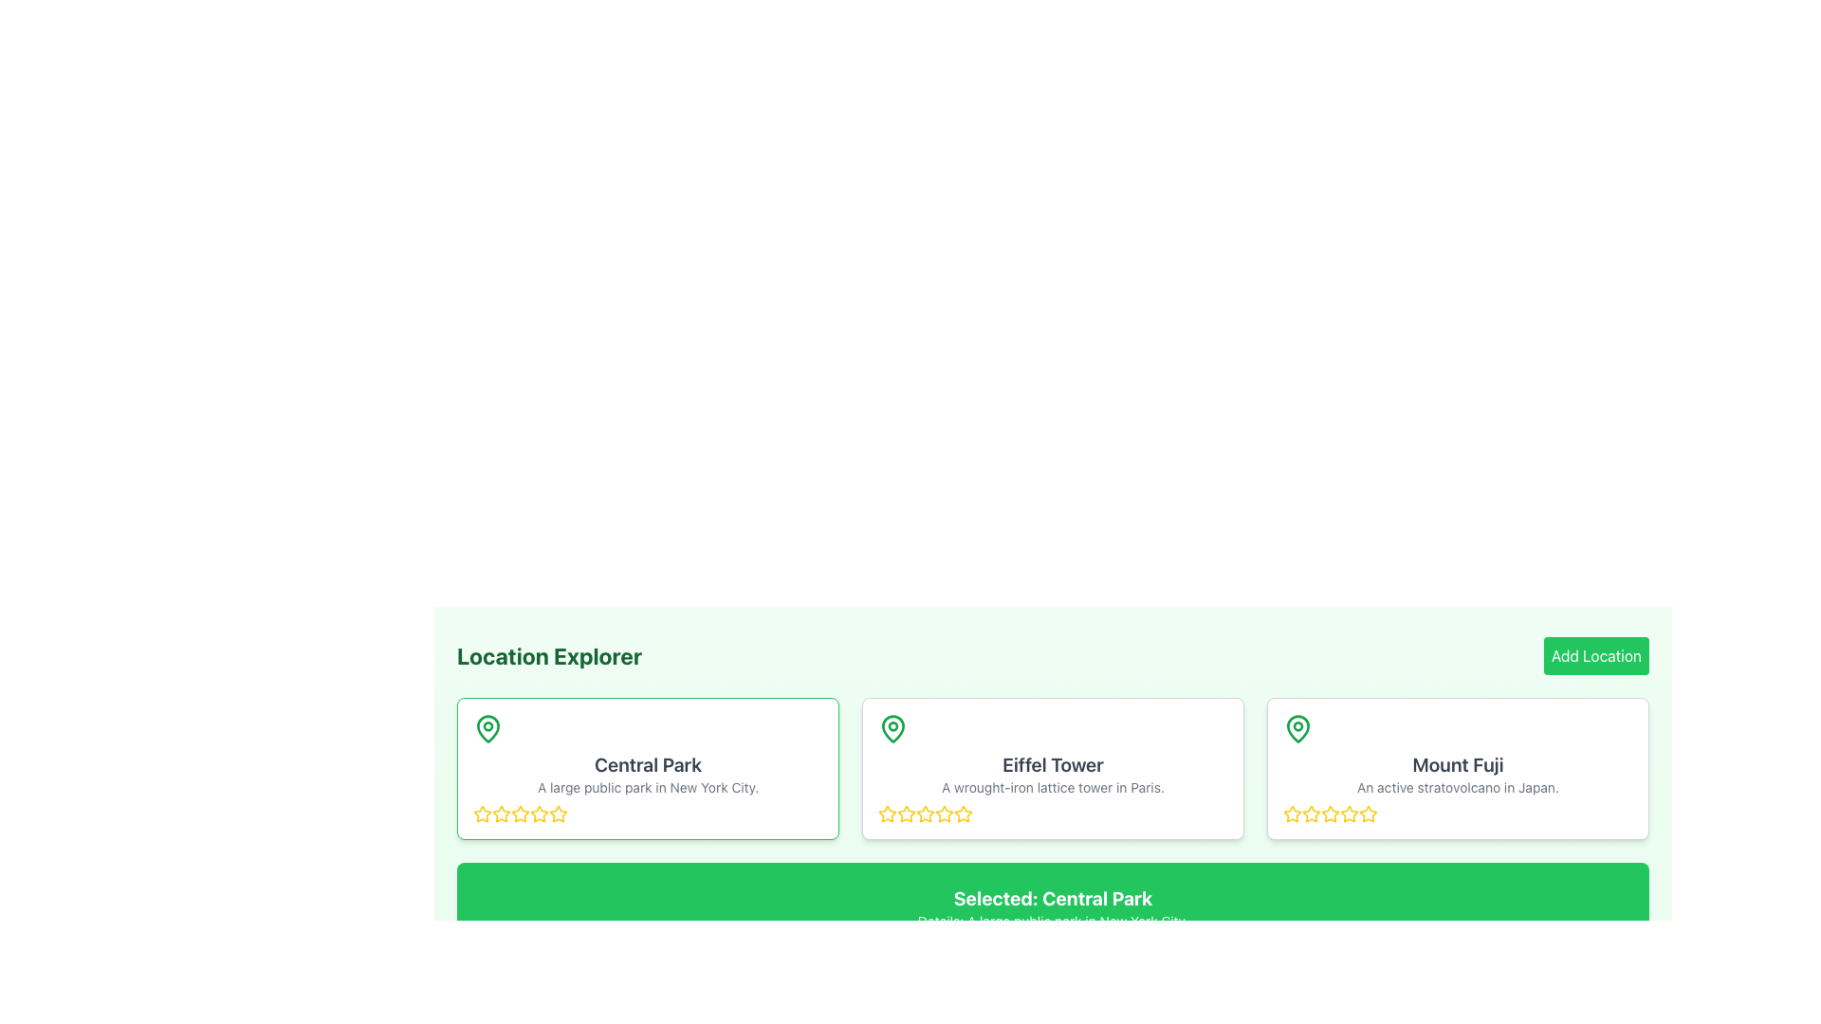 The height and width of the screenshot is (1024, 1821). I want to click on the rating stars visually located at the bottom of the highlighted panel for 'Central Park', so click(648, 814).